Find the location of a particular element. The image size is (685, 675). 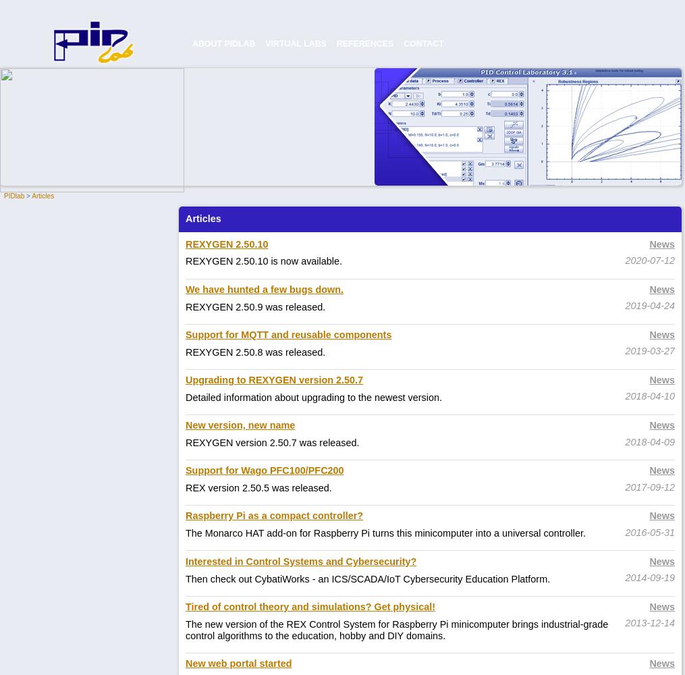

'REXYGEN 2.50.10 is now available.' is located at coordinates (263, 261).